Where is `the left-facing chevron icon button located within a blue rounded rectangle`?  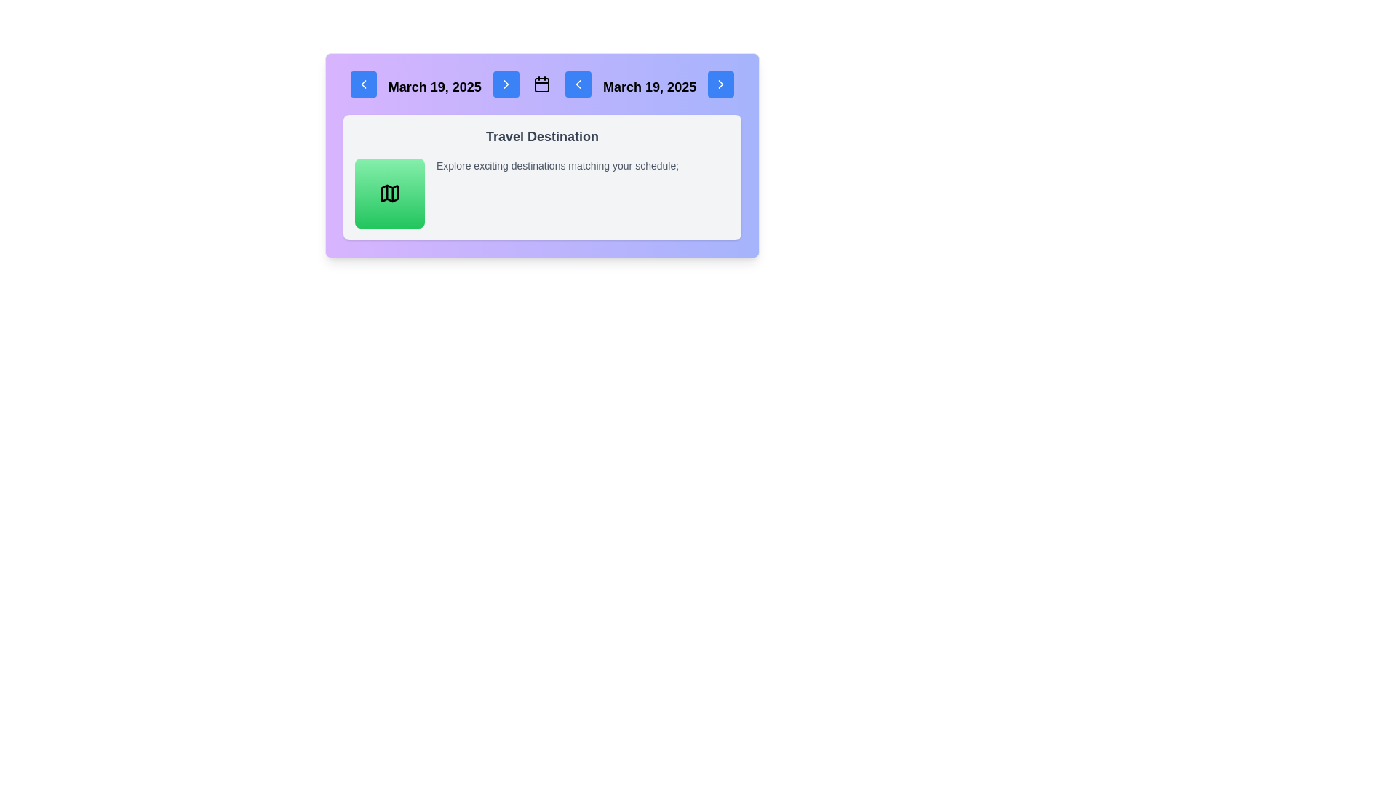 the left-facing chevron icon button located within a blue rounded rectangle is located at coordinates (578, 84).